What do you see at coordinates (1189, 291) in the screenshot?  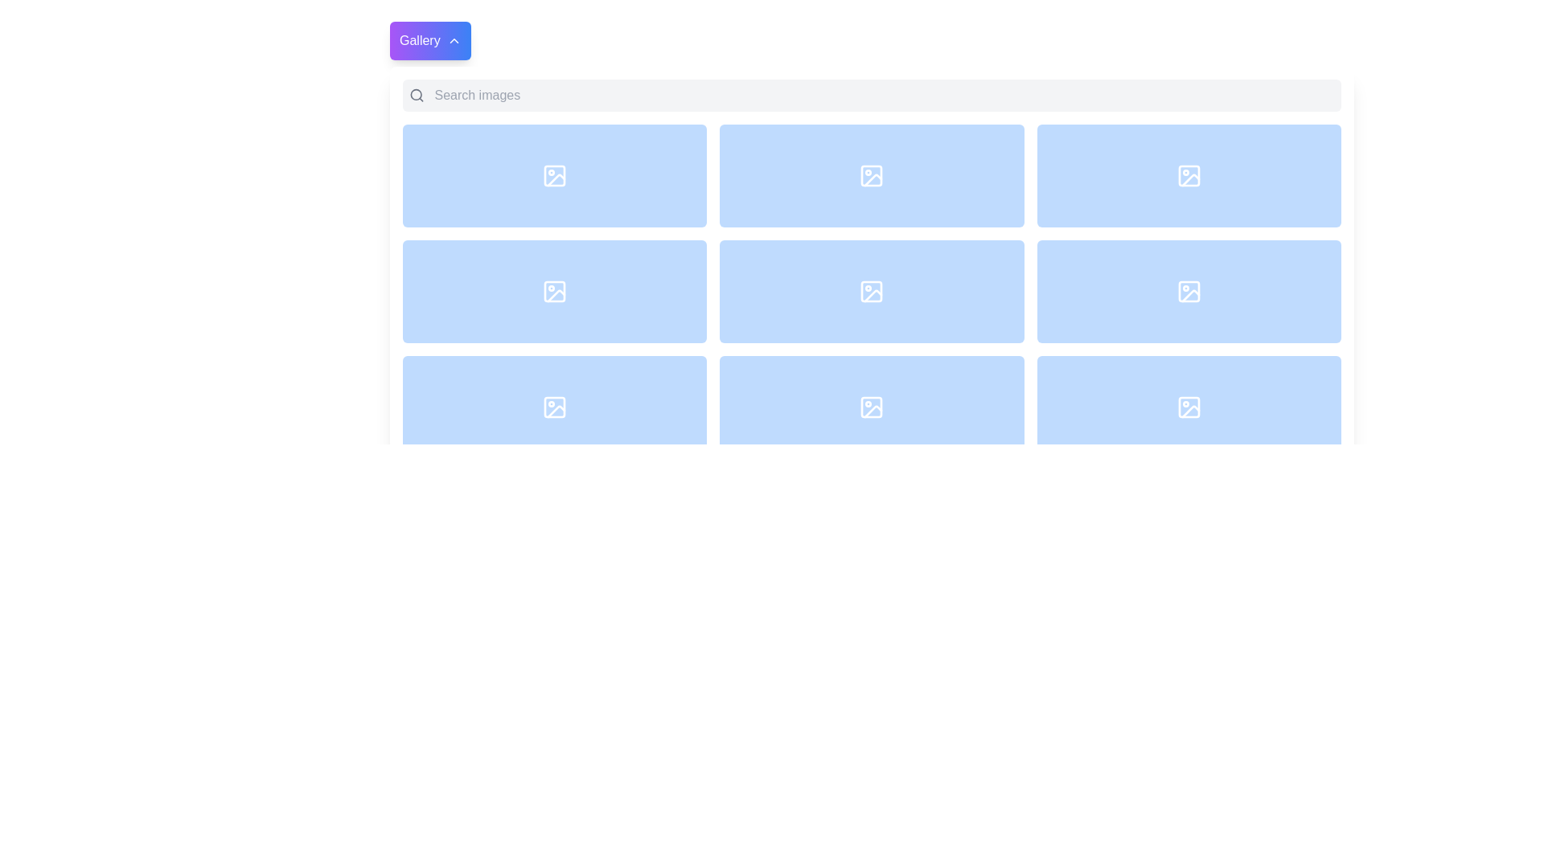 I see `the action button located in the third column and second row of the grid` at bounding box center [1189, 291].